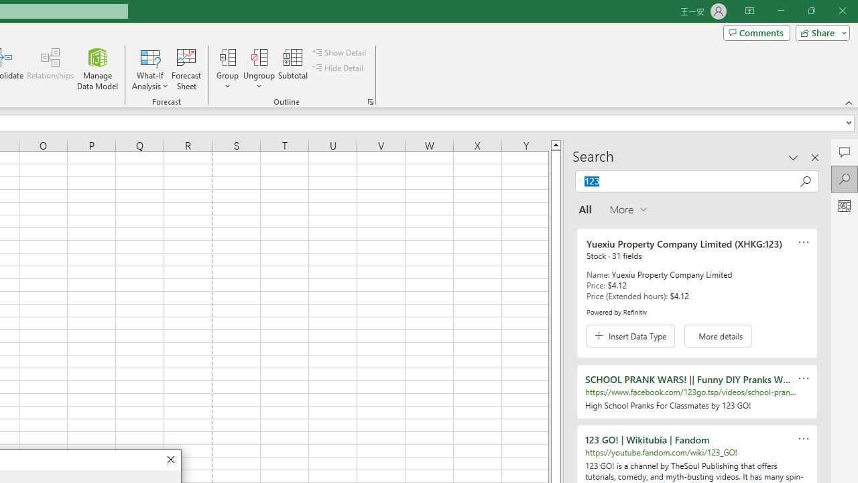 Image resolution: width=858 pixels, height=483 pixels. I want to click on 'Comments', so click(756, 32).